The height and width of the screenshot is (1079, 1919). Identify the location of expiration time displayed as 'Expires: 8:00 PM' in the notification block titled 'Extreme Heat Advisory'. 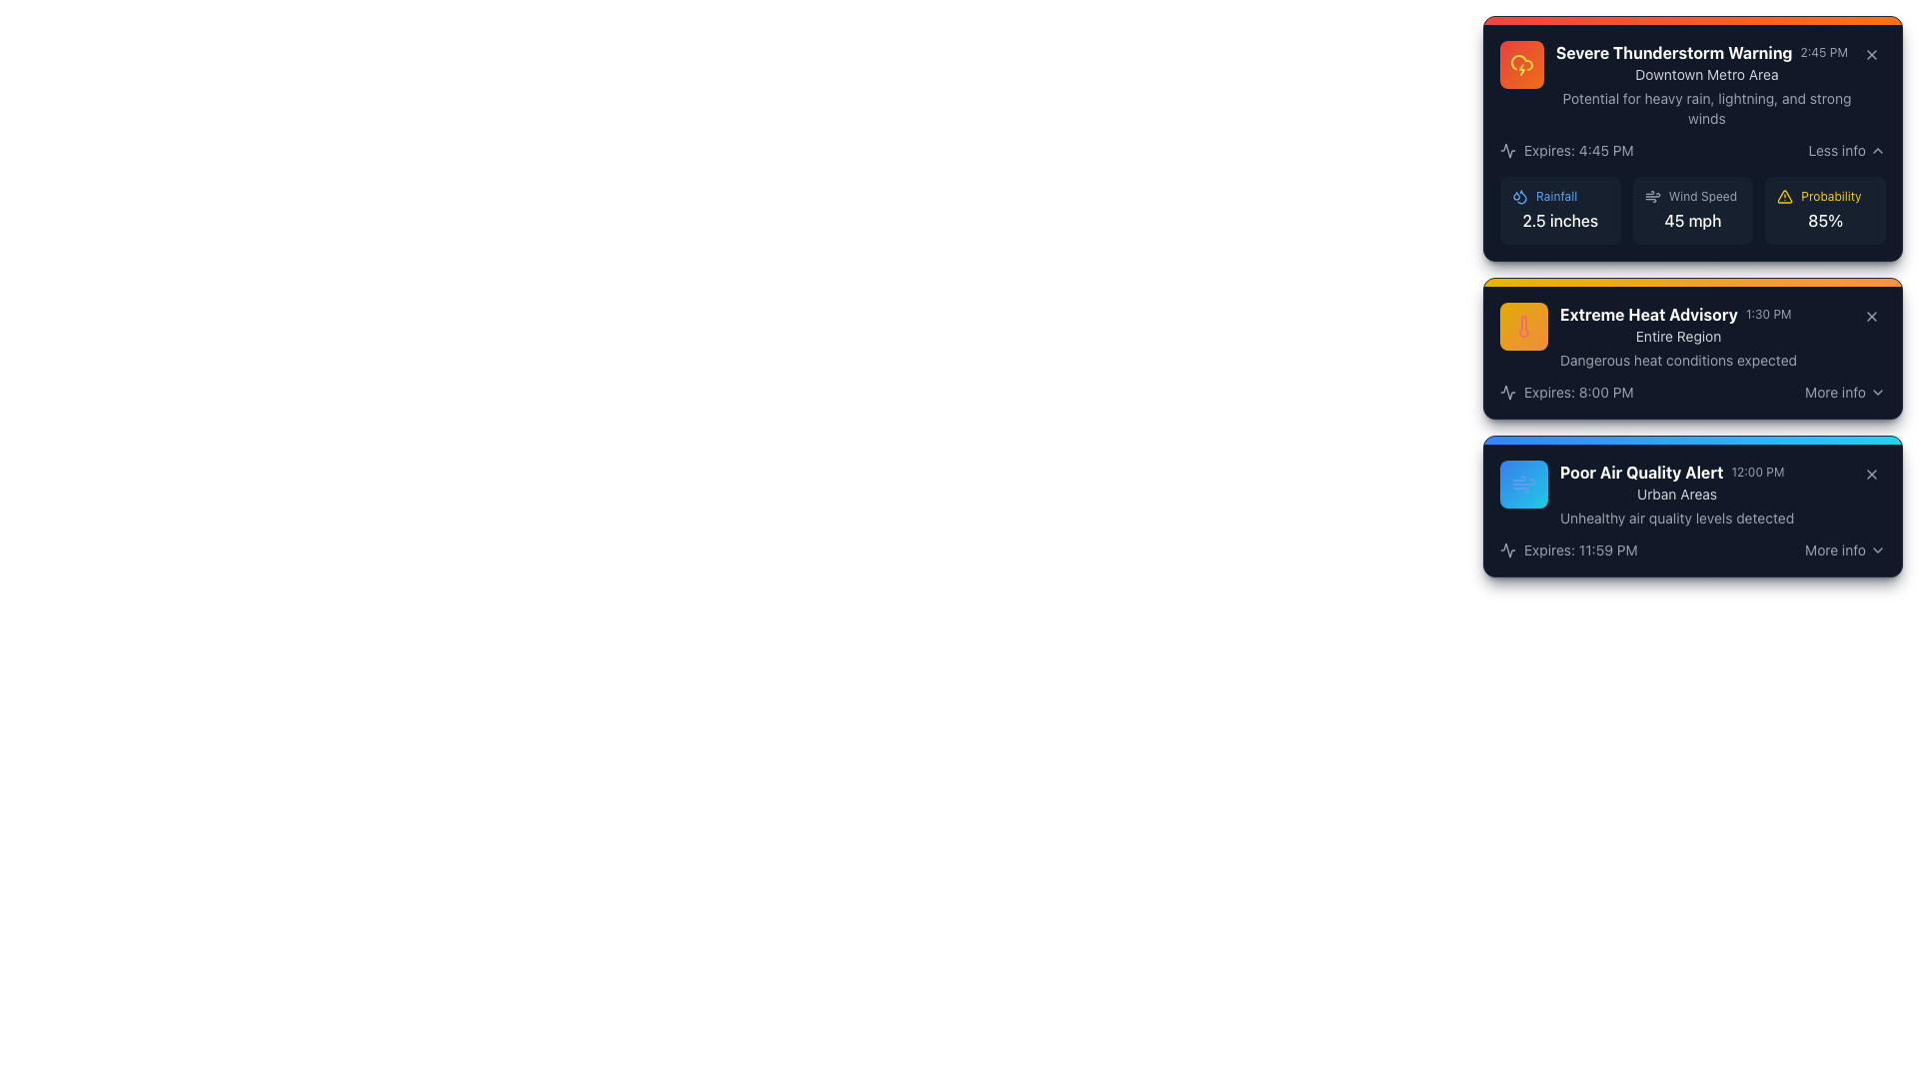
(1692, 393).